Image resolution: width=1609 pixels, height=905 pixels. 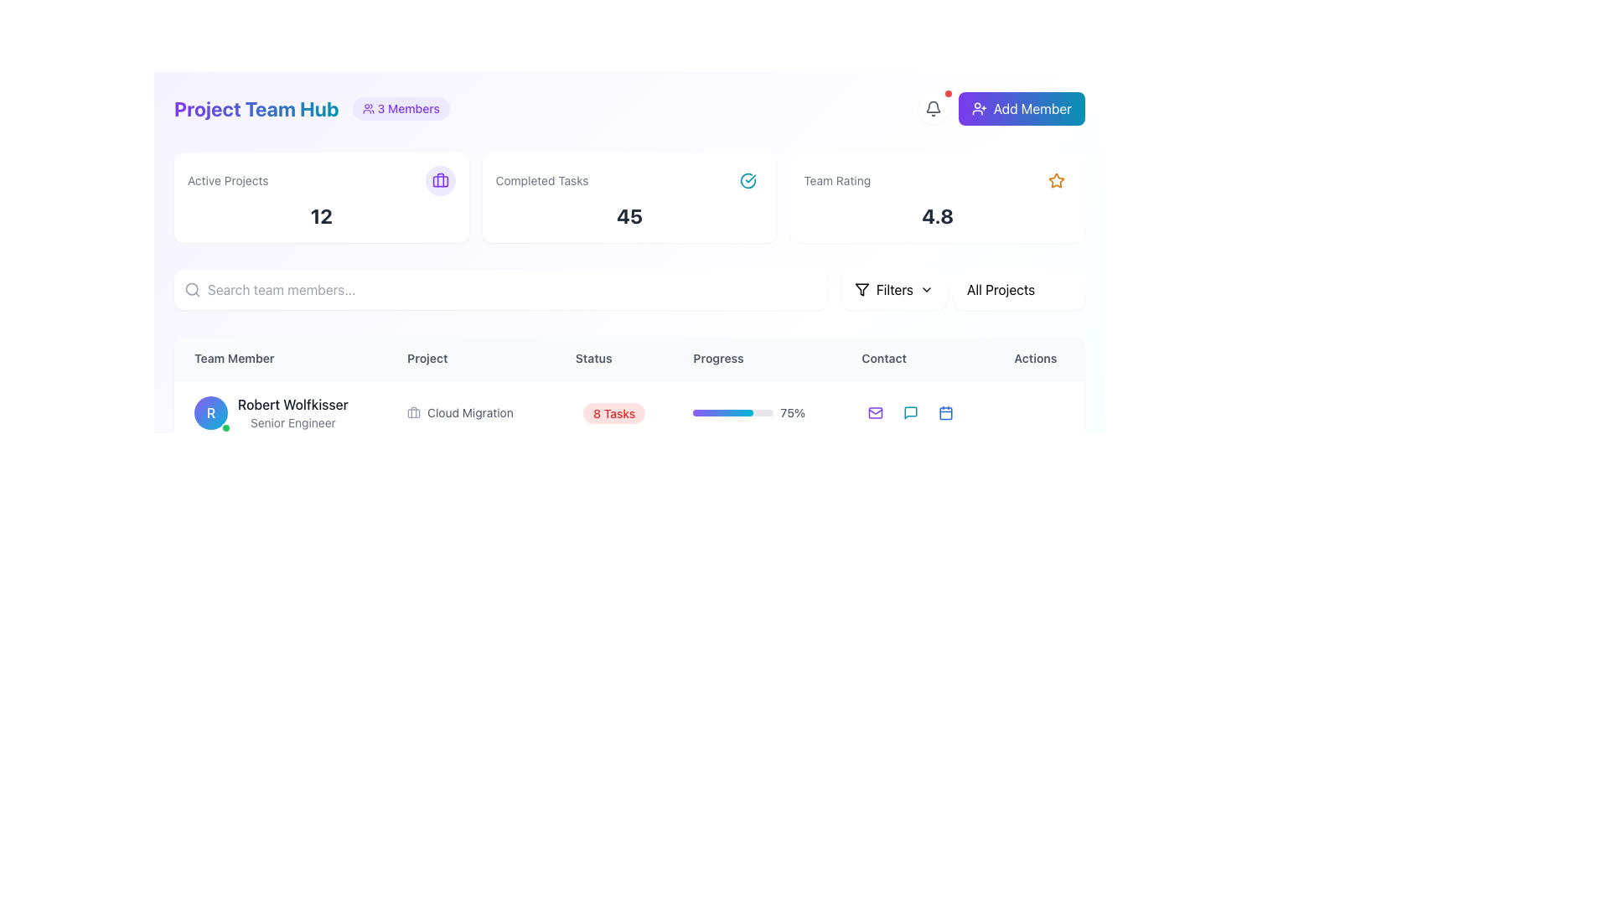 I want to click on text label indicating the column for actionable items in the header row of the table, which is positioned as the sixth item after 'Team Member', 'Project', 'Status', 'Progress', and 'Contact', so click(x=1038, y=358).